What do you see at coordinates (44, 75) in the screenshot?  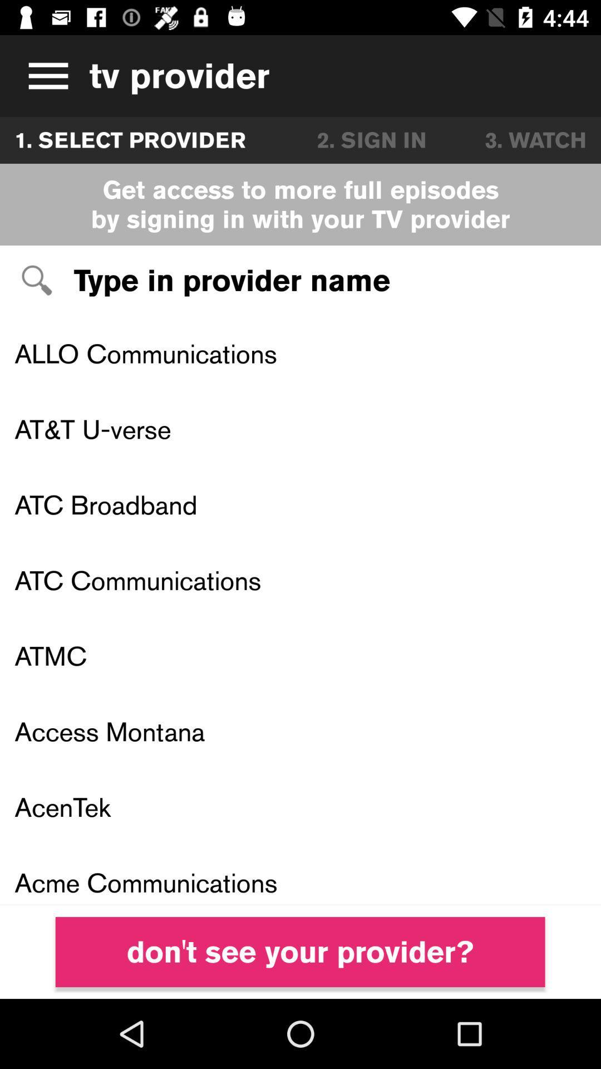 I see `icon to the left of tv provider` at bounding box center [44, 75].